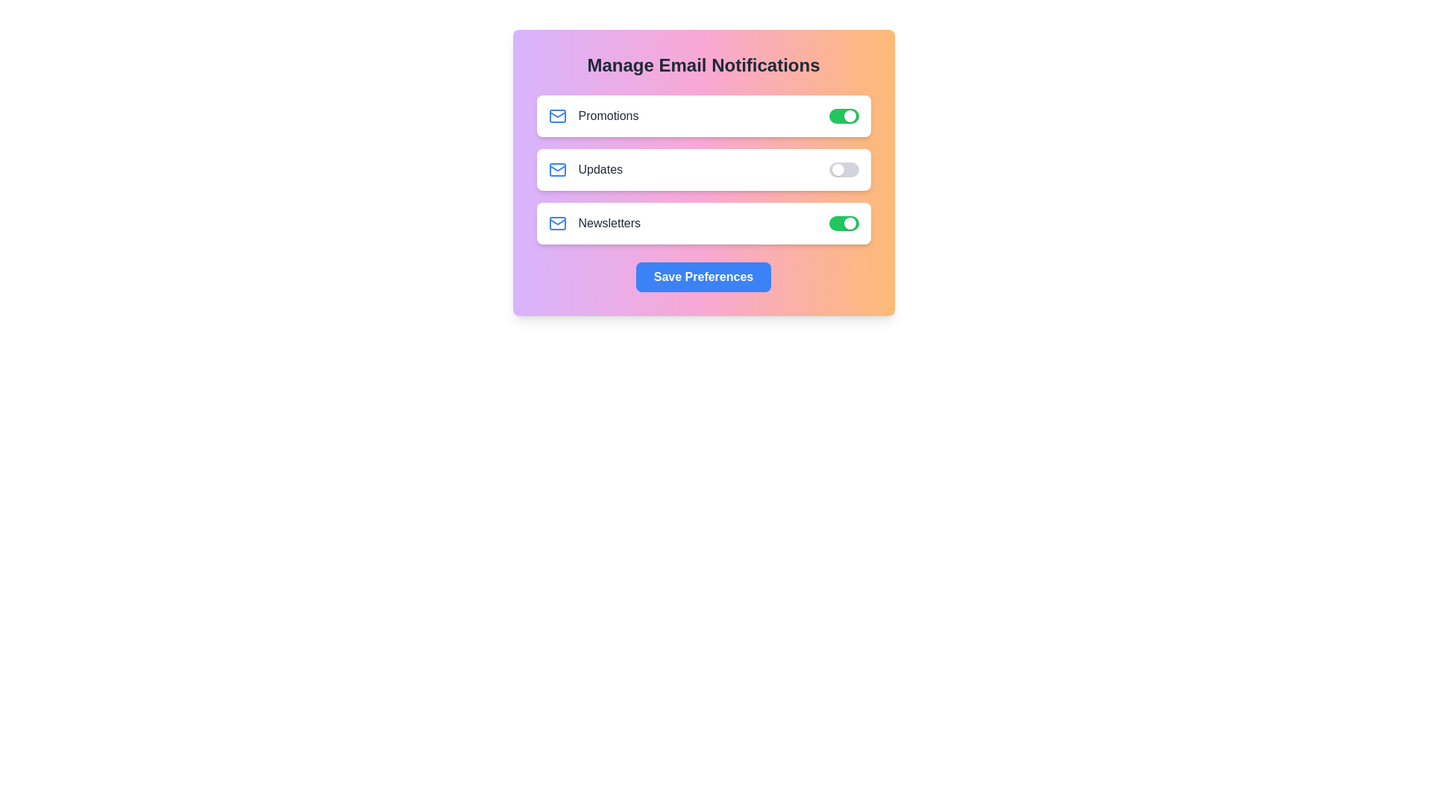  I want to click on the Updates section to observe its hover effect, so click(703, 168).